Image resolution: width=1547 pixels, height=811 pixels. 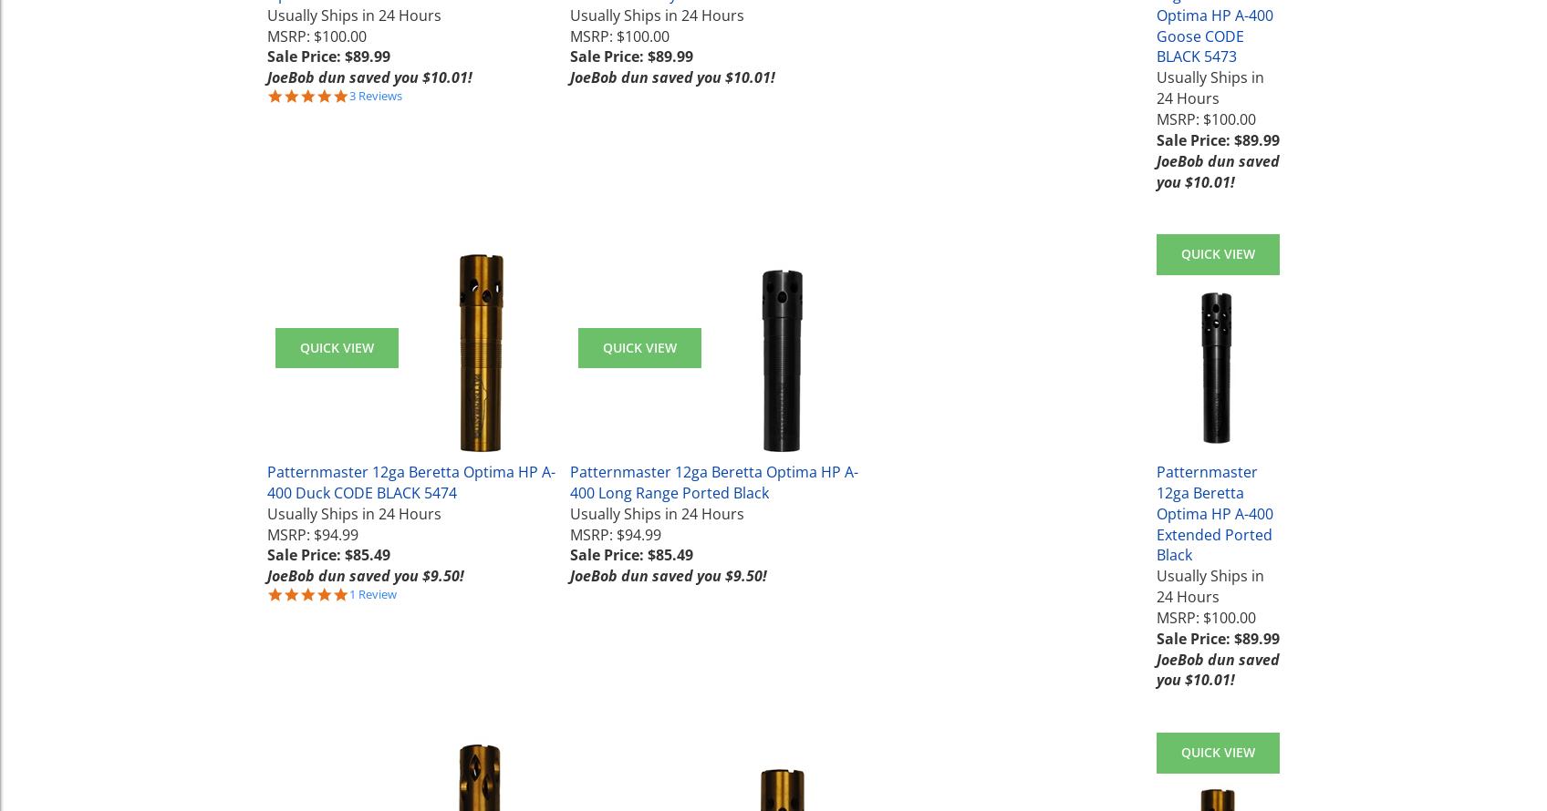 What do you see at coordinates (1214, 512) in the screenshot?
I see `'Patternmaster 12ga Beretta Optima HP A-400 Extended Ported Black'` at bounding box center [1214, 512].